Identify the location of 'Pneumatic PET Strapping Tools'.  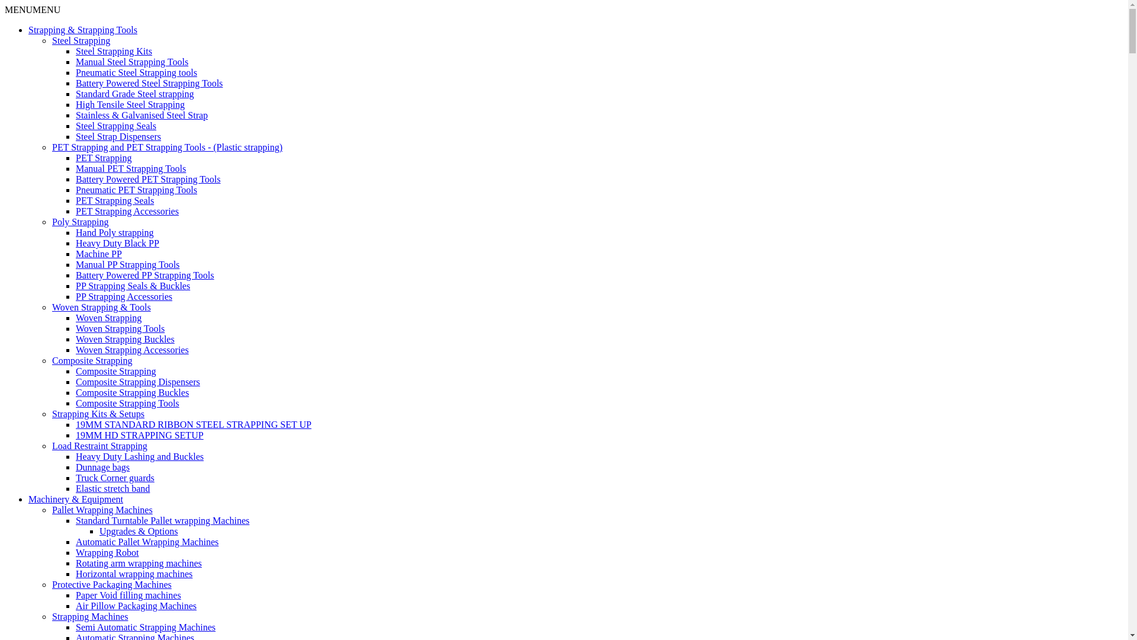
(136, 189).